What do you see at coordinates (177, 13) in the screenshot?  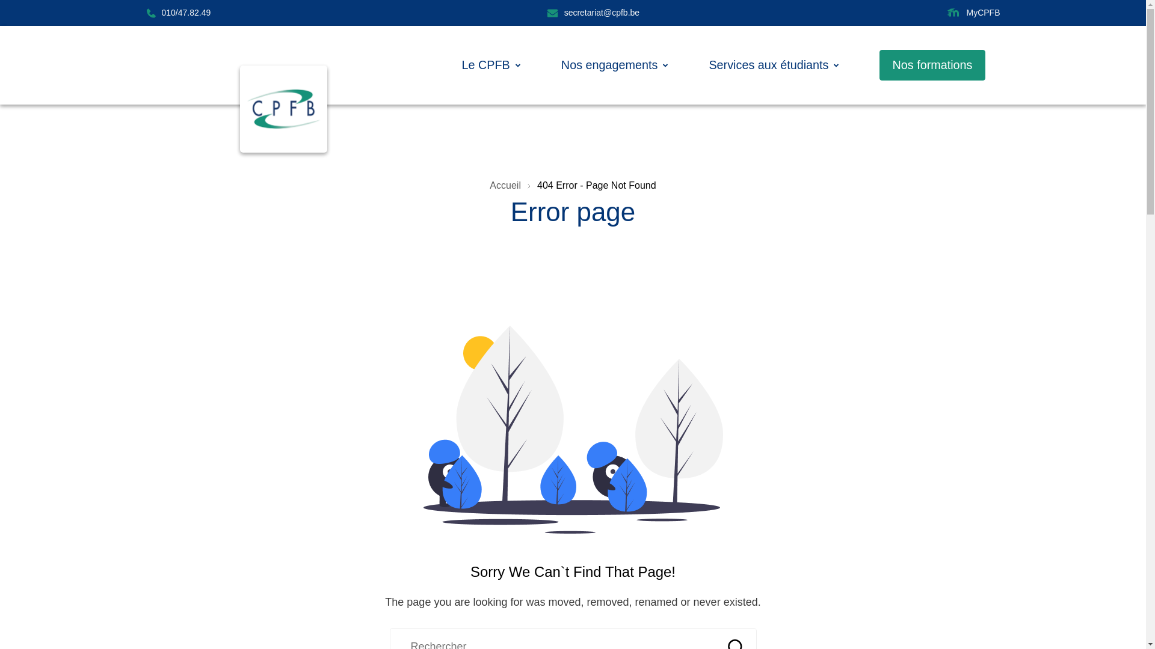 I see `'010/47.82.49'` at bounding box center [177, 13].